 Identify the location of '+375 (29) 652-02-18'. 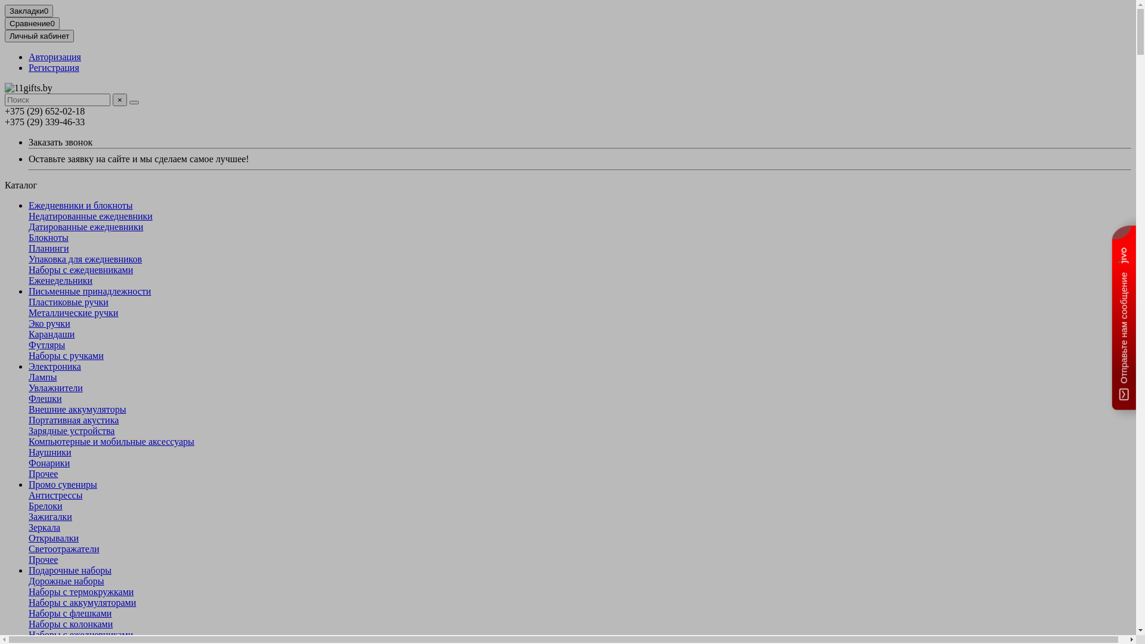
(45, 111).